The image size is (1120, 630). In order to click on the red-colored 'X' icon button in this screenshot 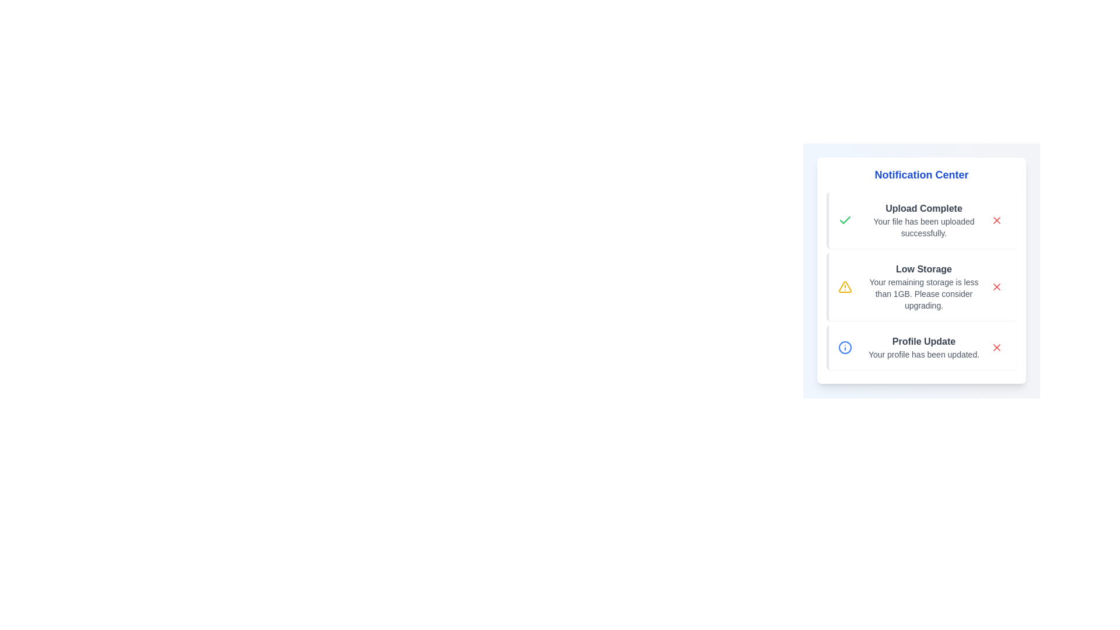, I will do `click(996, 287)`.